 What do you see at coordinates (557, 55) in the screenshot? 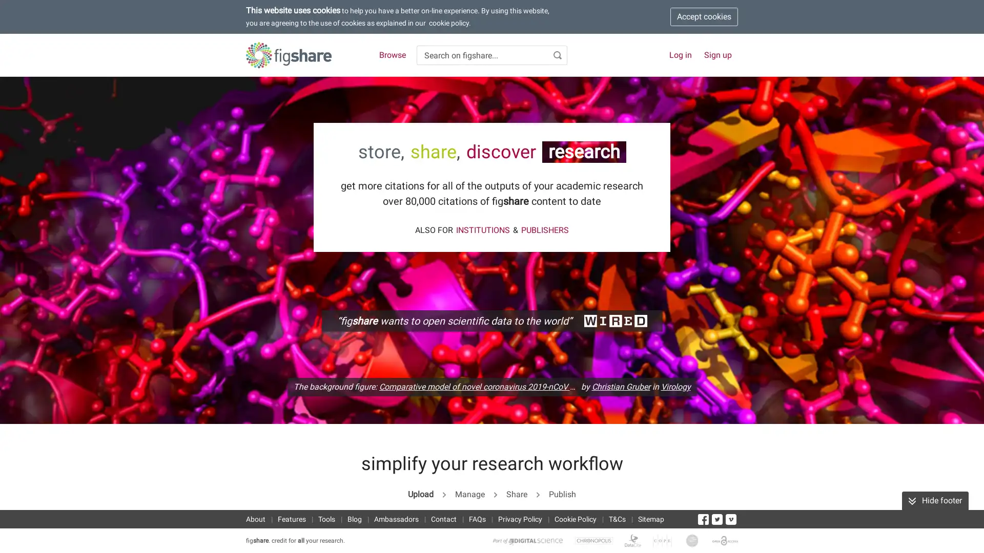
I see `Search` at bounding box center [557, 55].